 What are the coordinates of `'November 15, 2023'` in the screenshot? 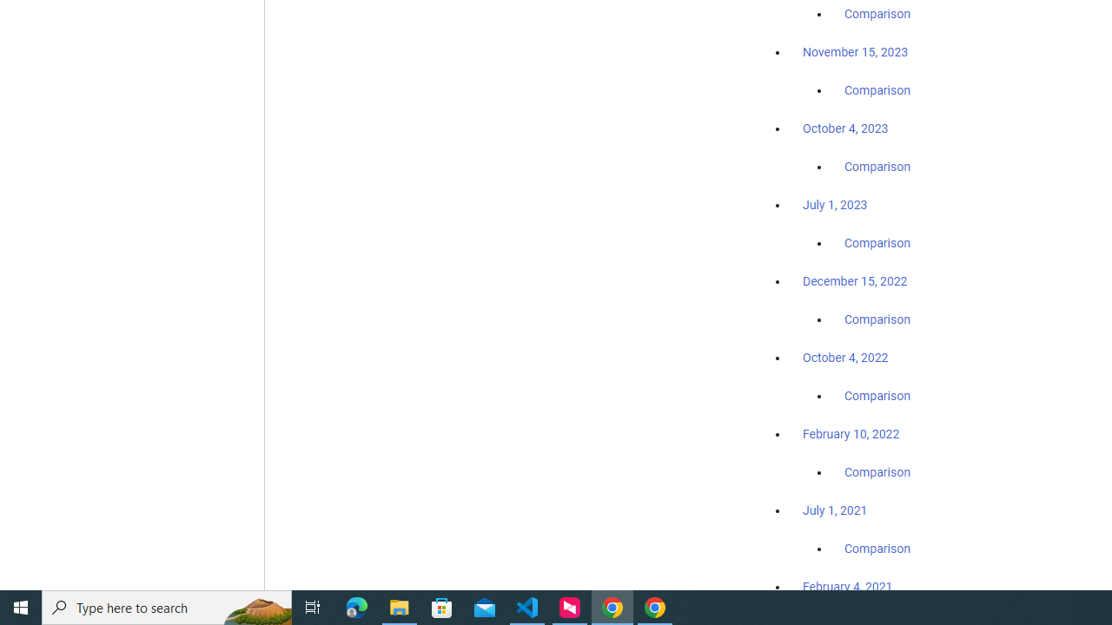 It's located at (855, 51).